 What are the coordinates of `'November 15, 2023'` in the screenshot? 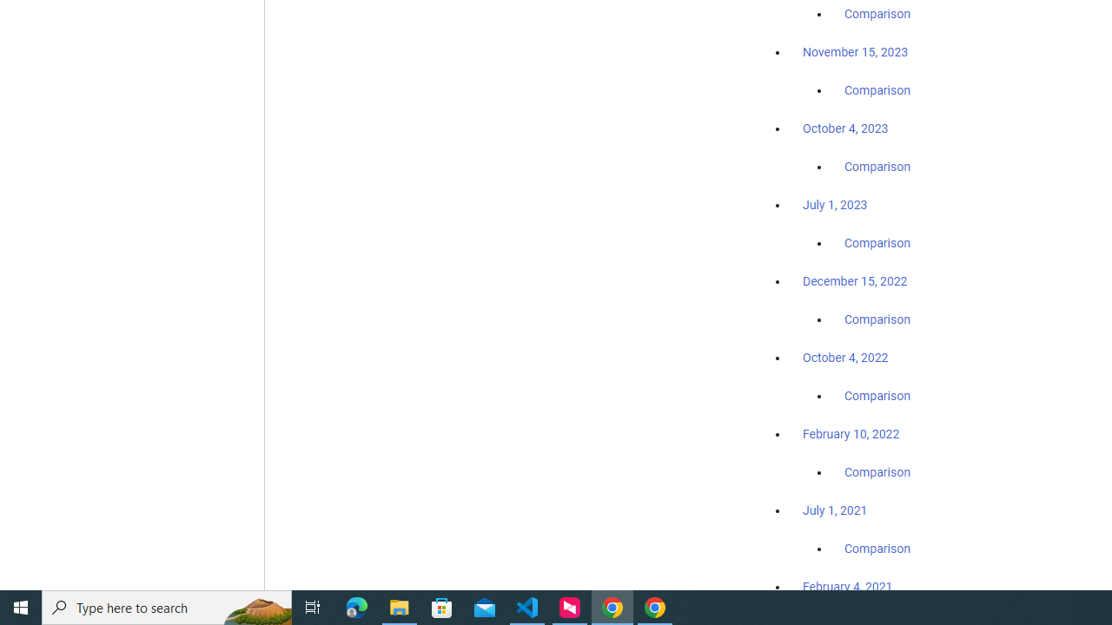 It's located at (855, 51).